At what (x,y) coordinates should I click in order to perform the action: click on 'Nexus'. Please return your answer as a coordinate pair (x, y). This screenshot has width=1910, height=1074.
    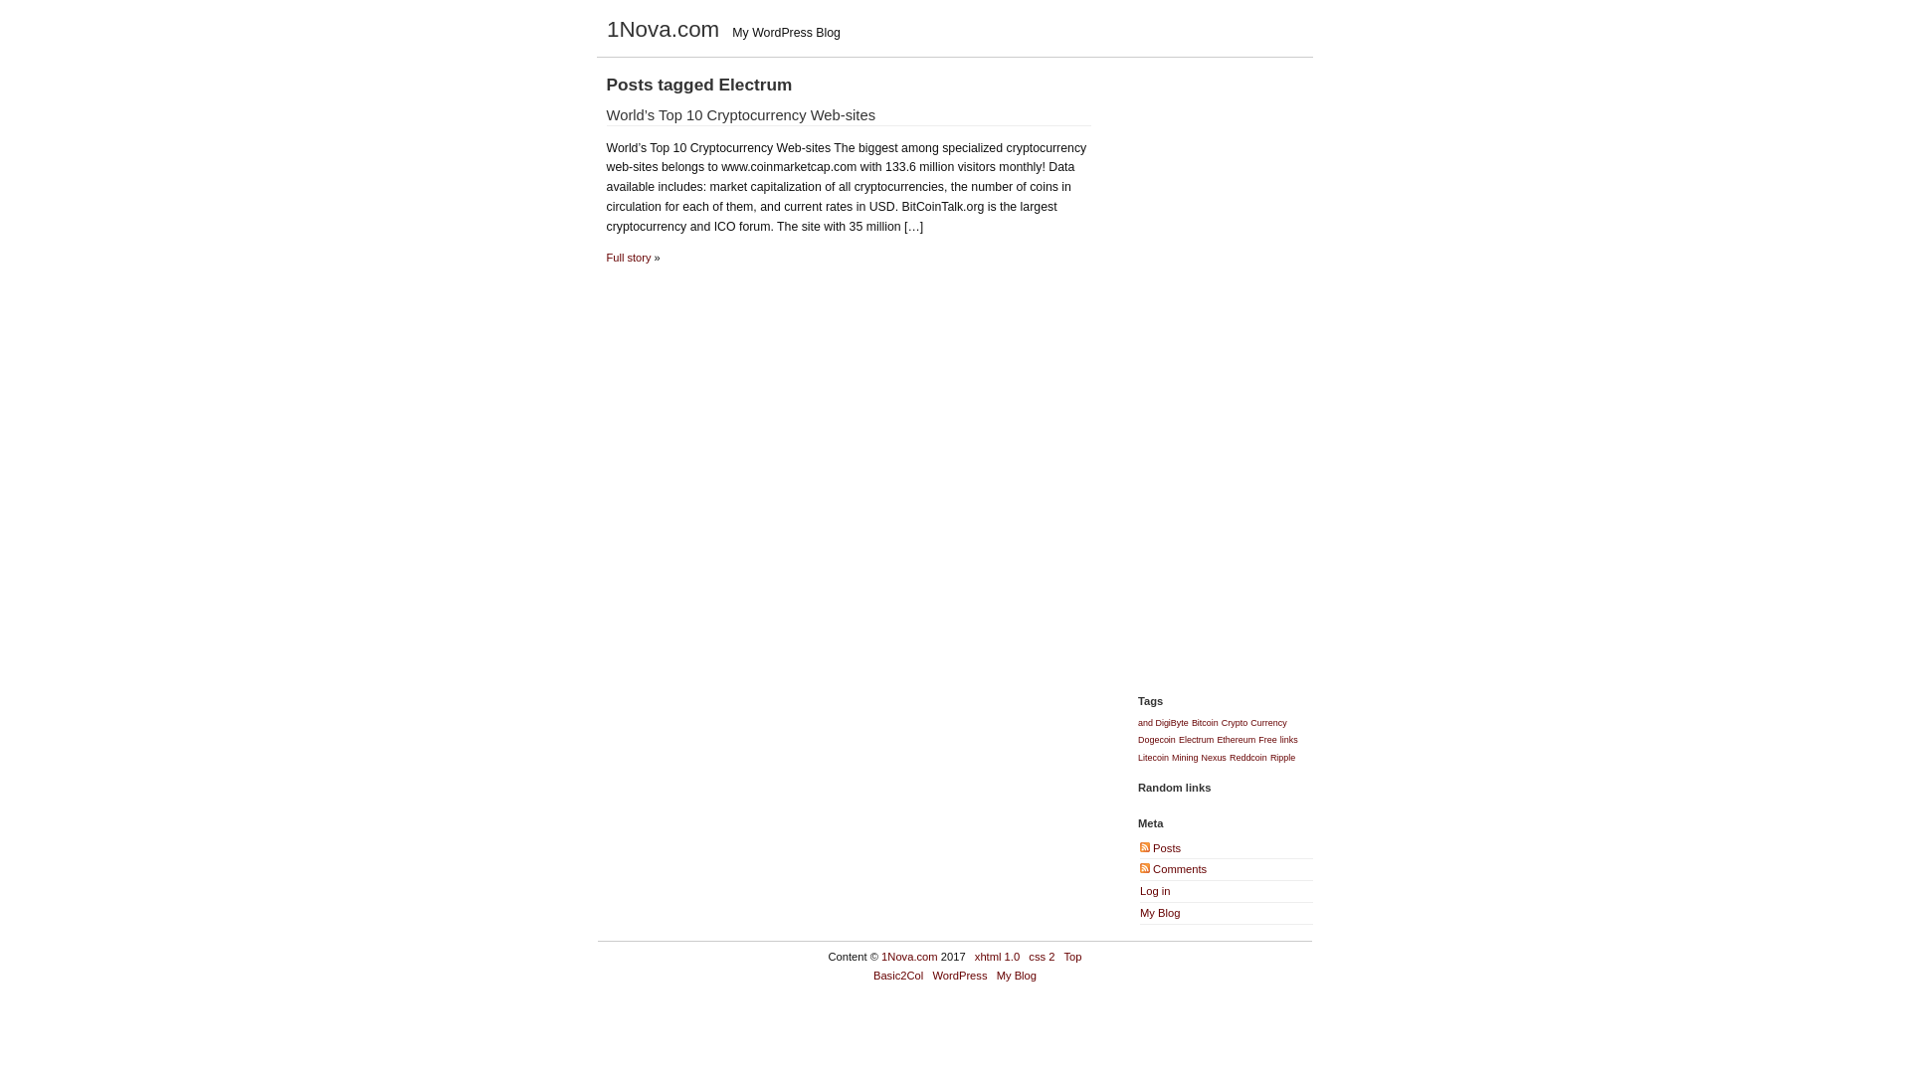
    Looking at the image, I should click on (1212, 758).